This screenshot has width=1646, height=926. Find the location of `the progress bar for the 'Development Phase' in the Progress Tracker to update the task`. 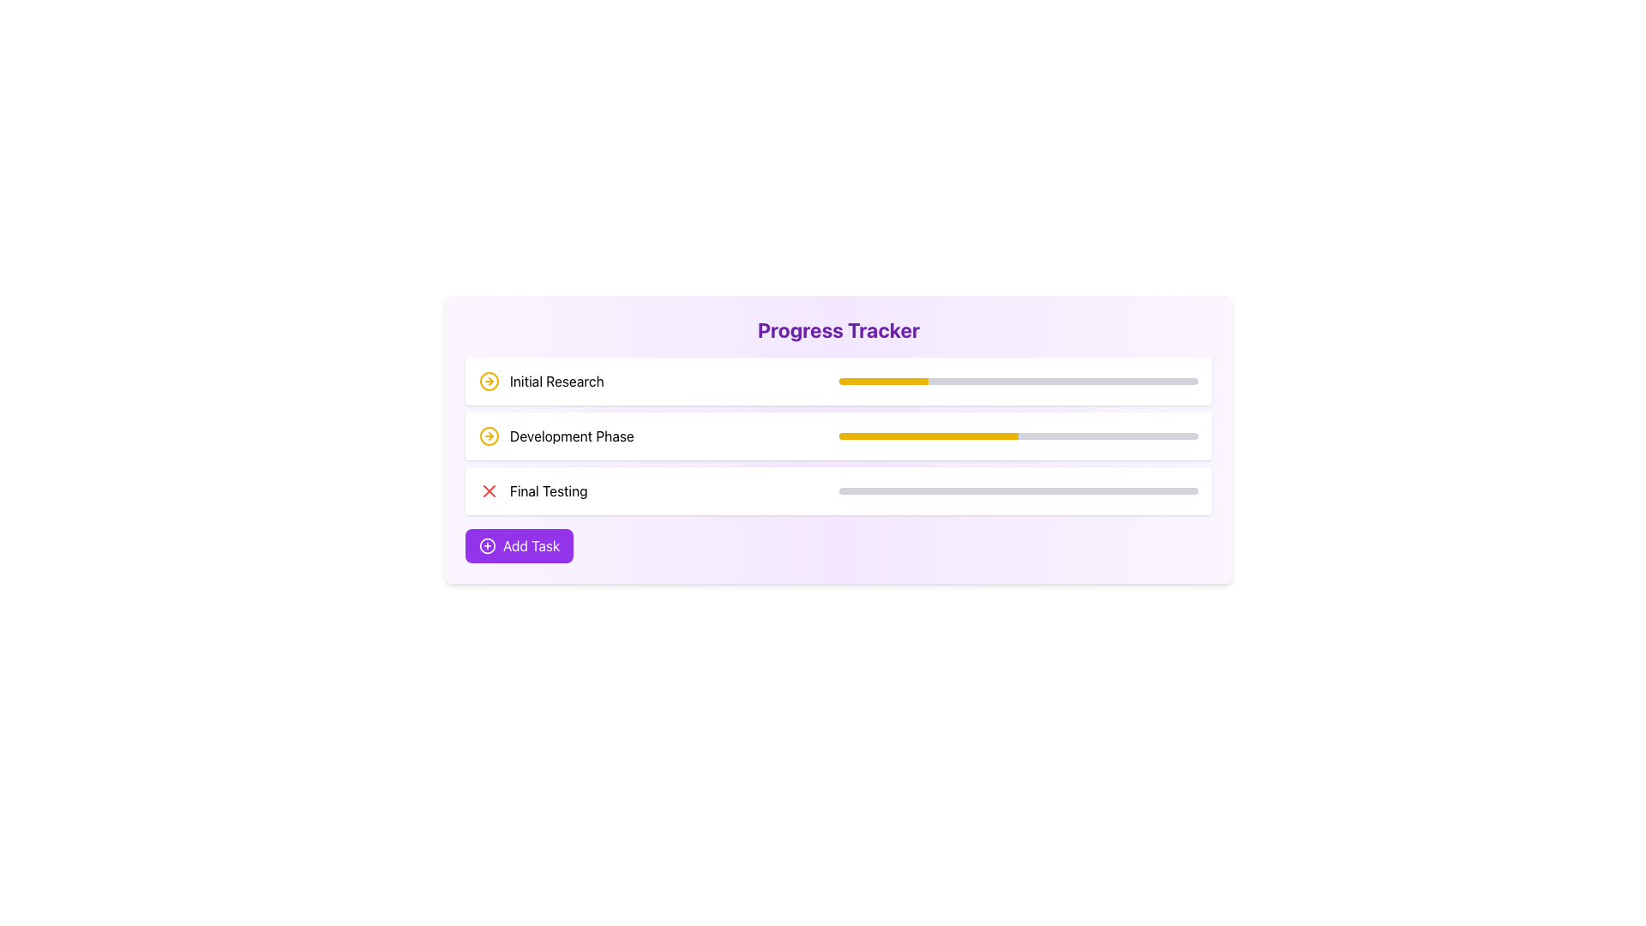

the progress bar for the 'Development Phase' in the Progress Tracker to update the task is located at coordinates (838, 436).